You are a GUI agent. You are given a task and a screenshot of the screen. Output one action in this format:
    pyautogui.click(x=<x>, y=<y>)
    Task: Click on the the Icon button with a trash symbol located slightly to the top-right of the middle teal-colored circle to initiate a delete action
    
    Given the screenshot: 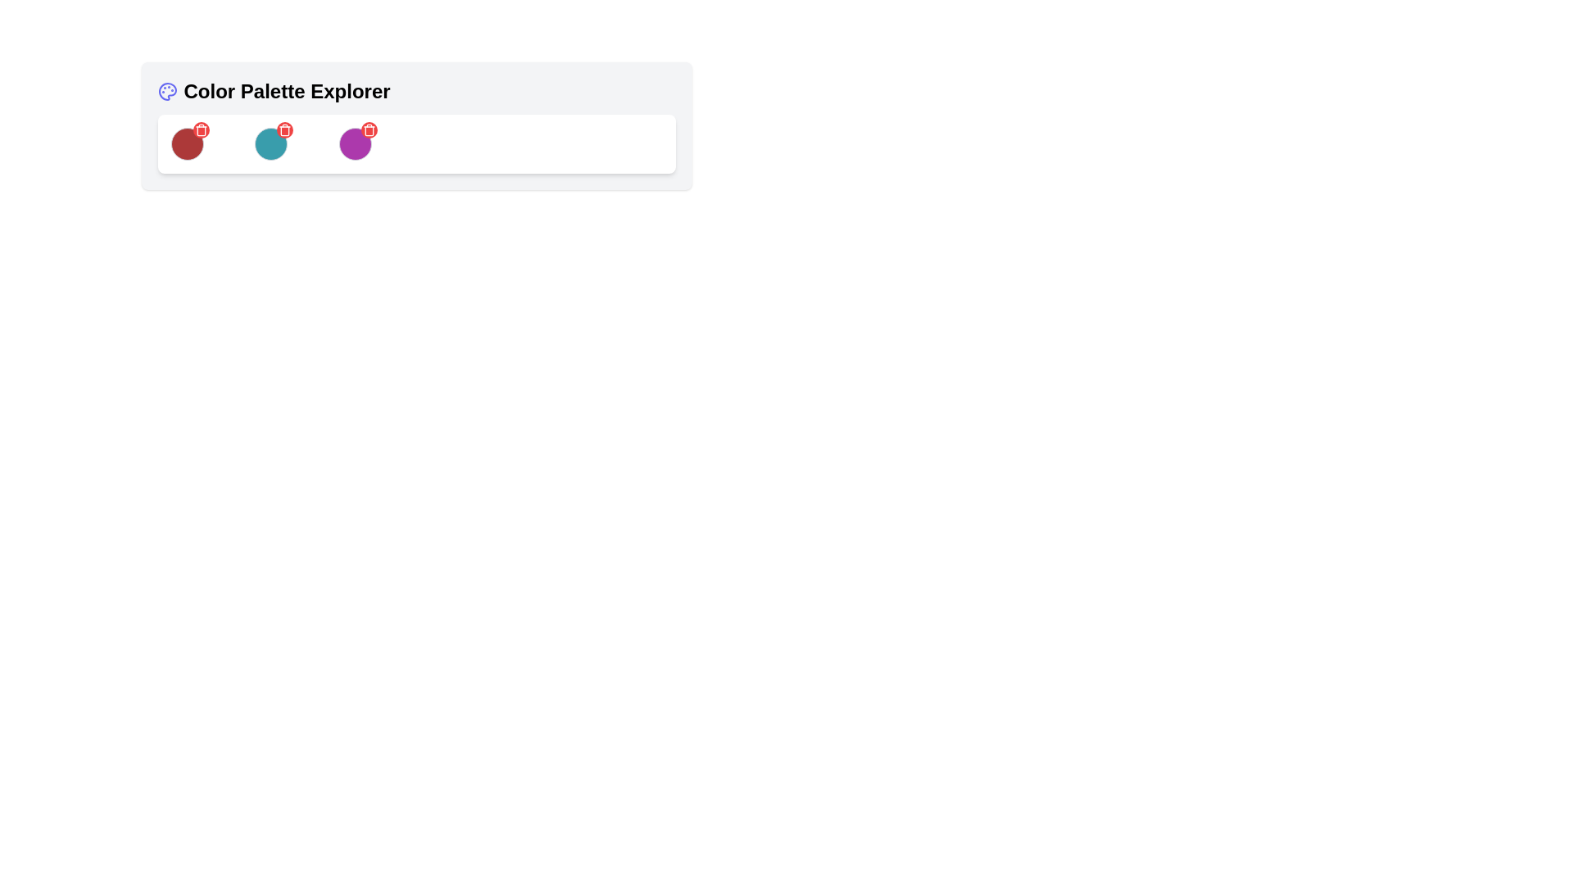 What is the action you would take?
    pyautogui.click(x=285, y=129)
    